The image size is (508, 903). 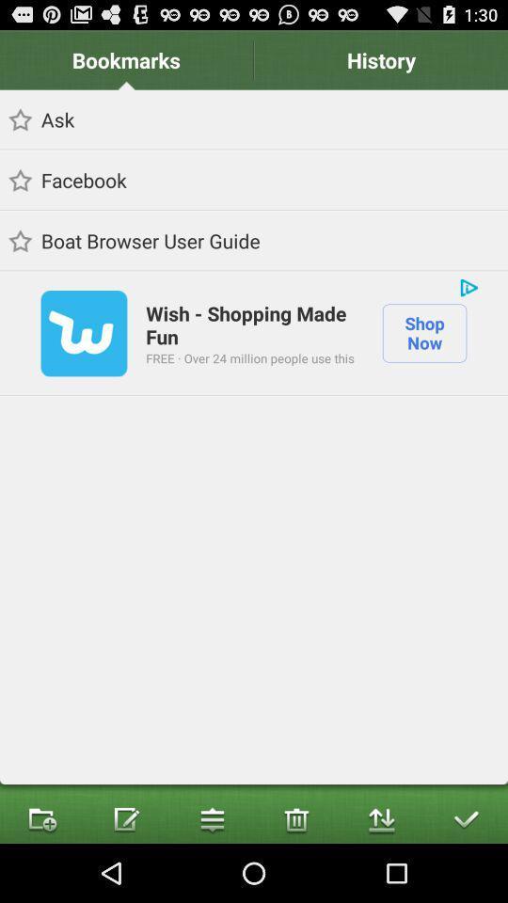 What do you see at coordinates (250, 356) in the screenshot?
I see `app next to the shop now item` at bounding box center [250, 356].